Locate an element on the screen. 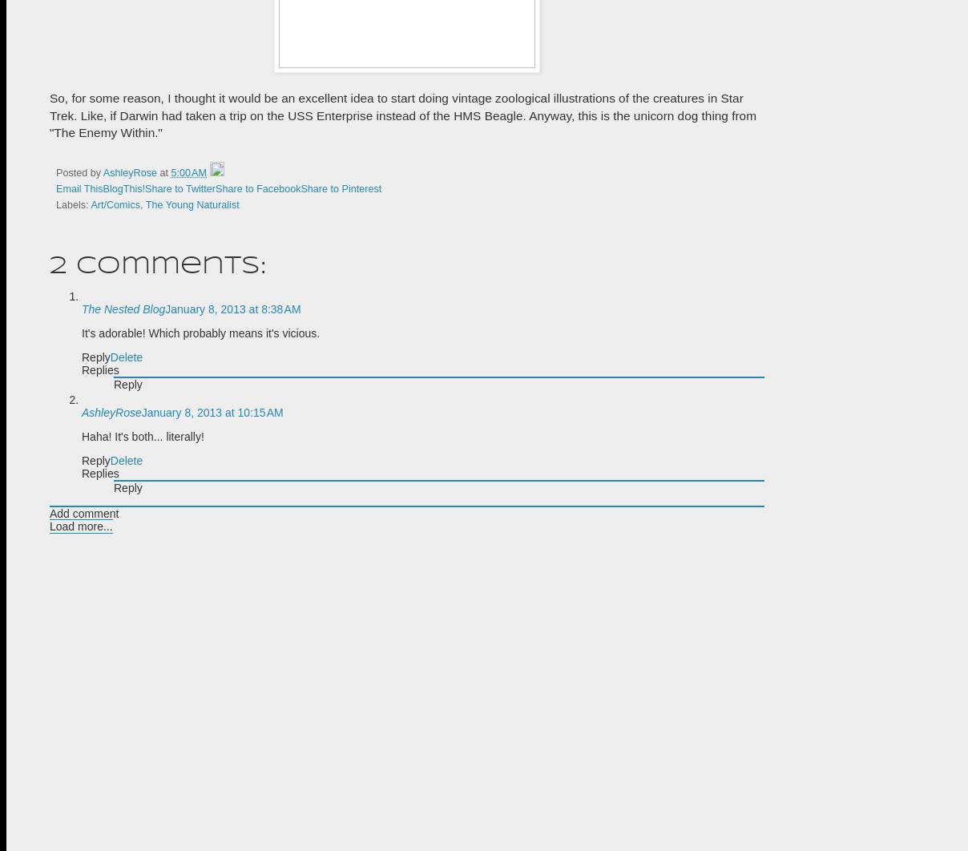  'So, for some reason, I thought it would be an excellent idea to start doing vintage zoological illustrations of the creatures in Star Trek. Like, if Darwin had taken a trip on the USS Enterprise instead of the HMS Beagle. Anyway, this is the unicorn dog thing from "The Enemy Within."' is located at coordinates (403, 115).